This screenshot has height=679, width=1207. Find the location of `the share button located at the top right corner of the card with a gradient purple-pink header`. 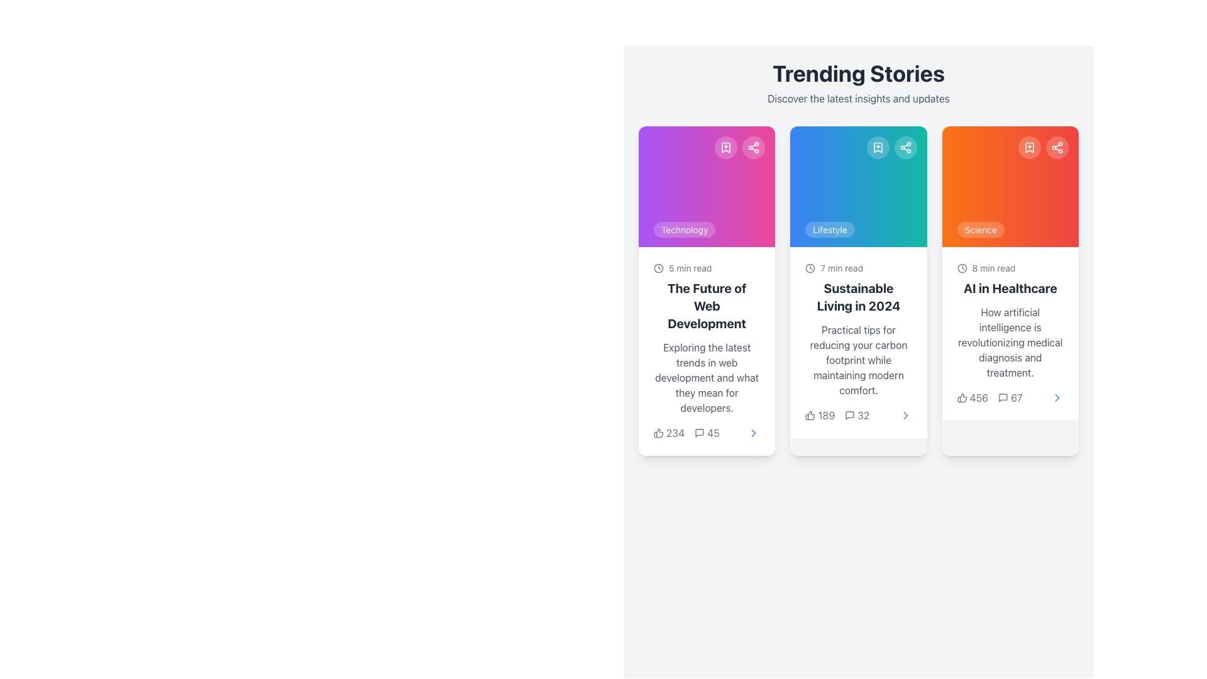

the share button located at the top right corner of the card with a gradient purple-pink header is located at coordinates (754, 147).